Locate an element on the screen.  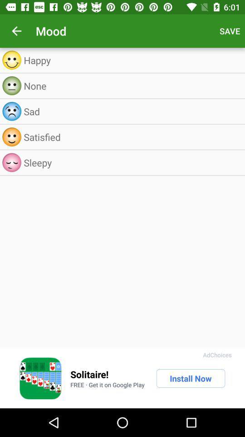
sleepy is located at coordinates (132, 163).